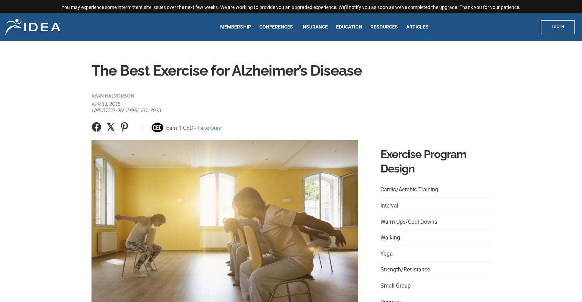 The width and height of the screenshot is (582, 302). What do you see at coordinates (423, 161) in the screenshot?
I see `'Exercise Program Design'` at bounding box center [423, 161].